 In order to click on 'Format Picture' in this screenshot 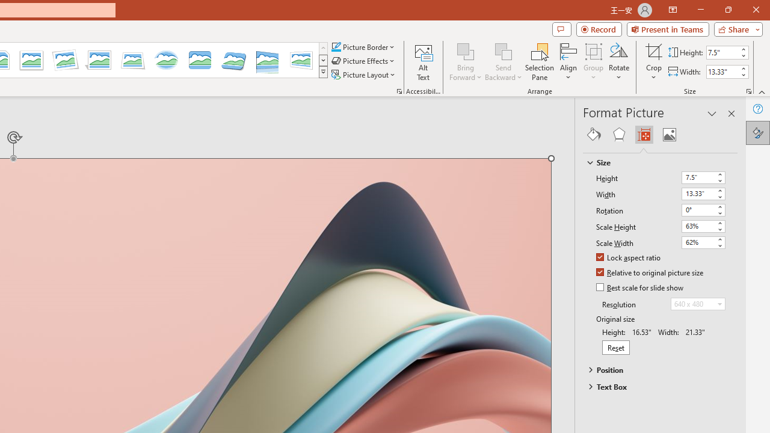, I will do `click(757, 133)`.